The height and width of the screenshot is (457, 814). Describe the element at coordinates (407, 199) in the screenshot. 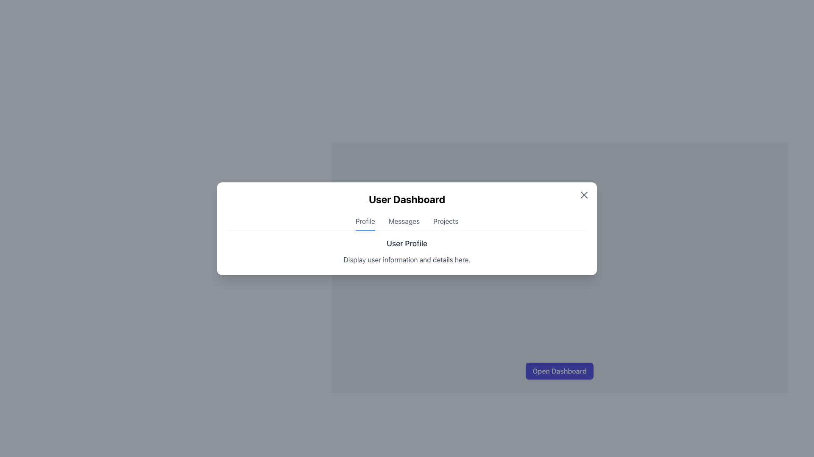

I see `the bold, centered text label displaying 'User Dashboard' located at the top center of the white, rounded card` at that location.